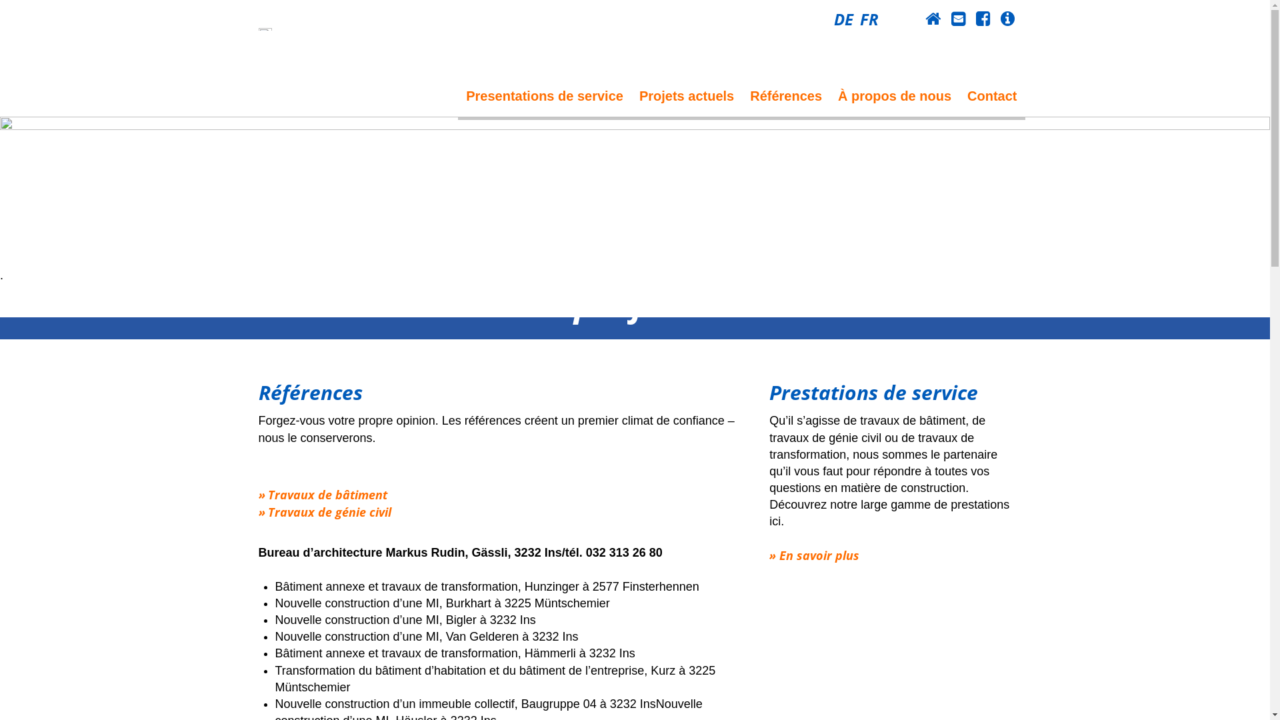  Describe the element at coordinates (983, 18) in the screenshot. I see `'Facebook'` at that location.